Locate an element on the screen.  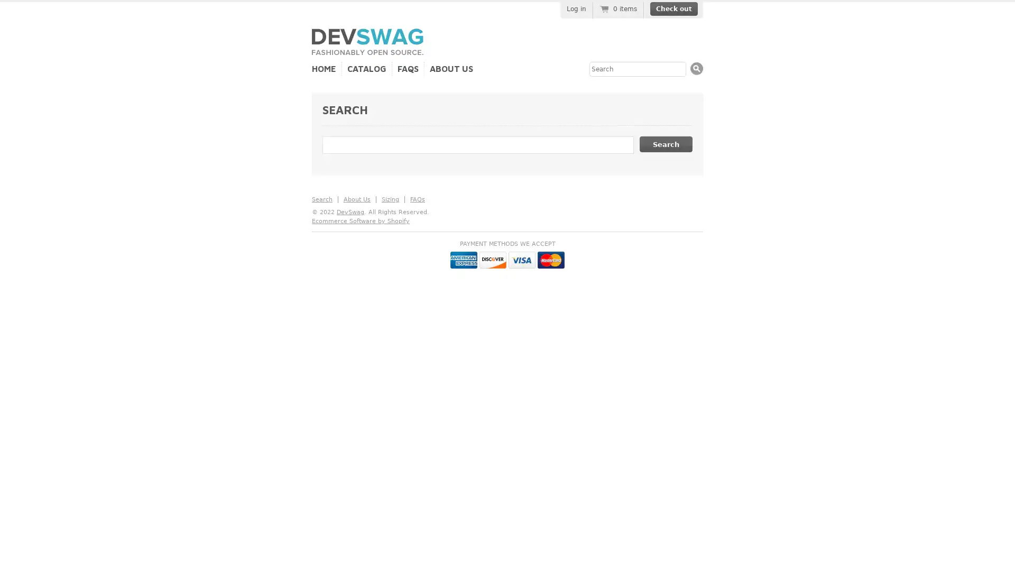
Search is located at coordinates (665, 144).